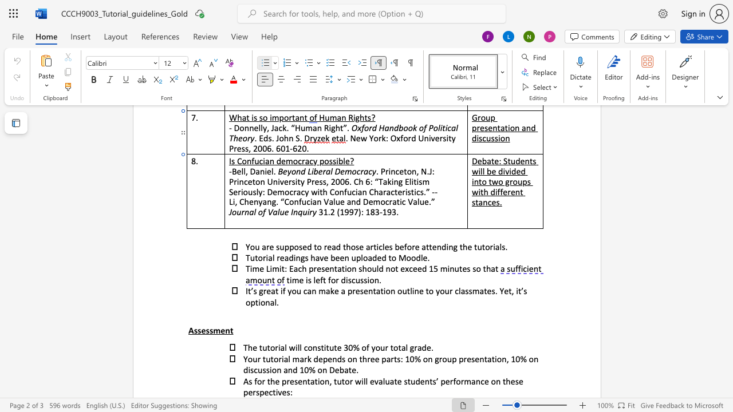 Image resolution: width=733 pixels, height=412 pixels. What do you see at coordinates (389, 381) in the screenshot?
I see `the space between the continuous character "u" and "a" in the text` at bounding box center [389, 381].